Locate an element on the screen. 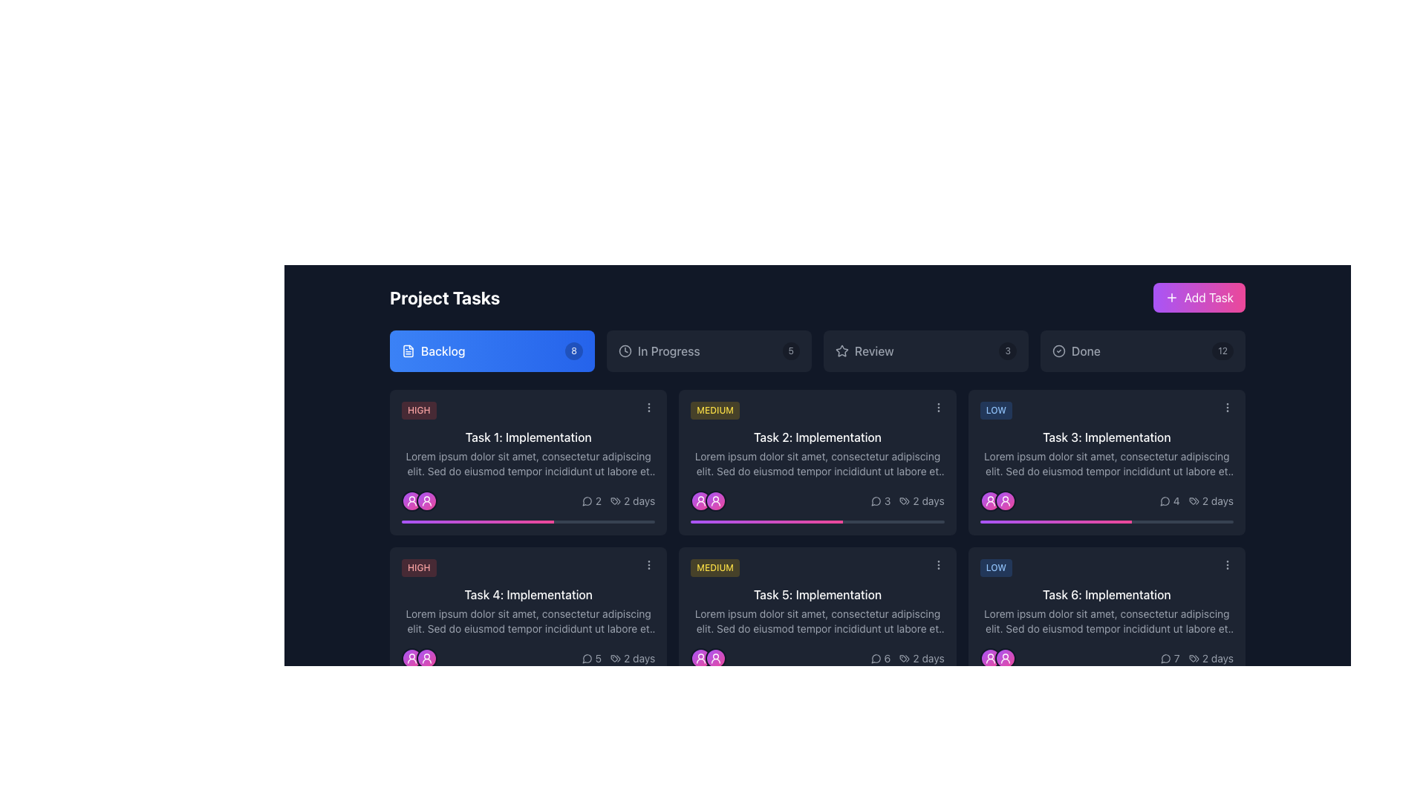 The height and width of the screenshot is (802, 1426). the user avatar icon located in the lower-left corner of the task card, which is the first avatar in a group of similar icons is located at coordinates (412, 658).